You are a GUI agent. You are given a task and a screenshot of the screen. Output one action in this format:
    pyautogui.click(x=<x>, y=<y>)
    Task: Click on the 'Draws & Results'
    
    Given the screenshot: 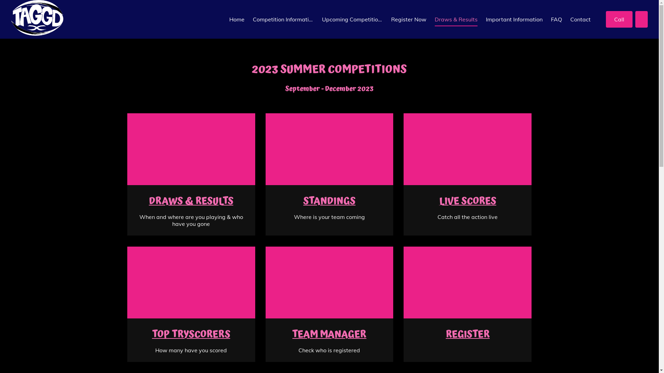 What is the action you would take?
    pyautogui.click(x=456, y=19)
    